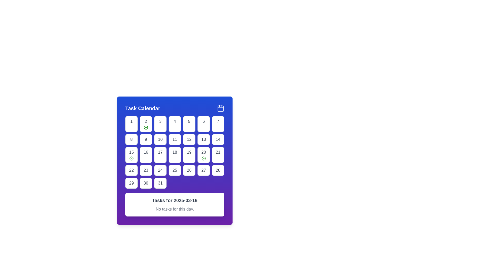 The image size is (495, 278). I want to click on the button representing the 13th day in the calendar grid layout, so click(203, 140).